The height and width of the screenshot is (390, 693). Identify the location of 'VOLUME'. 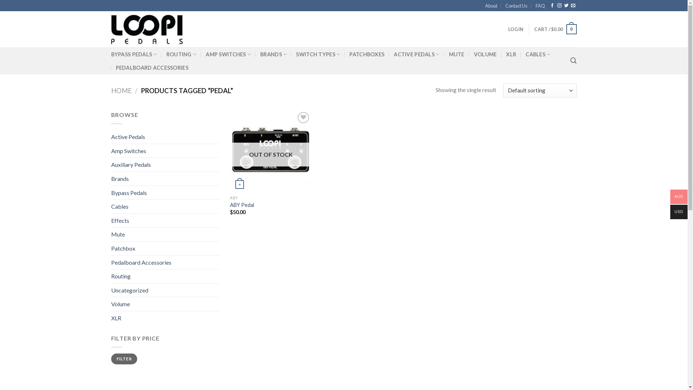
(485, 54).